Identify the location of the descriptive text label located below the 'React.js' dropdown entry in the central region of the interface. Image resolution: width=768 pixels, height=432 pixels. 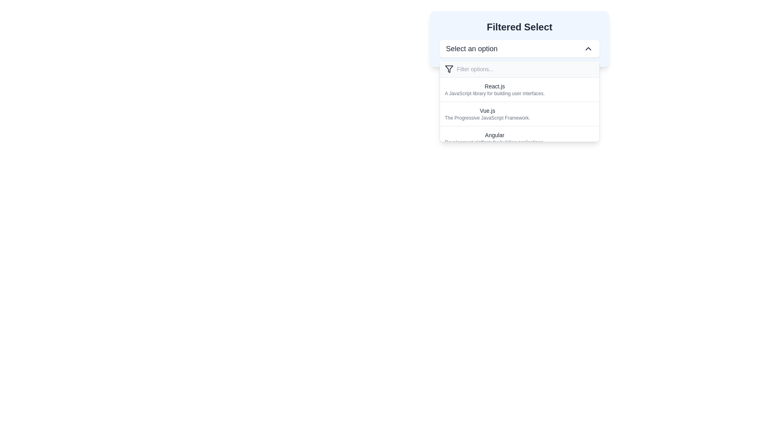
(494, 93).